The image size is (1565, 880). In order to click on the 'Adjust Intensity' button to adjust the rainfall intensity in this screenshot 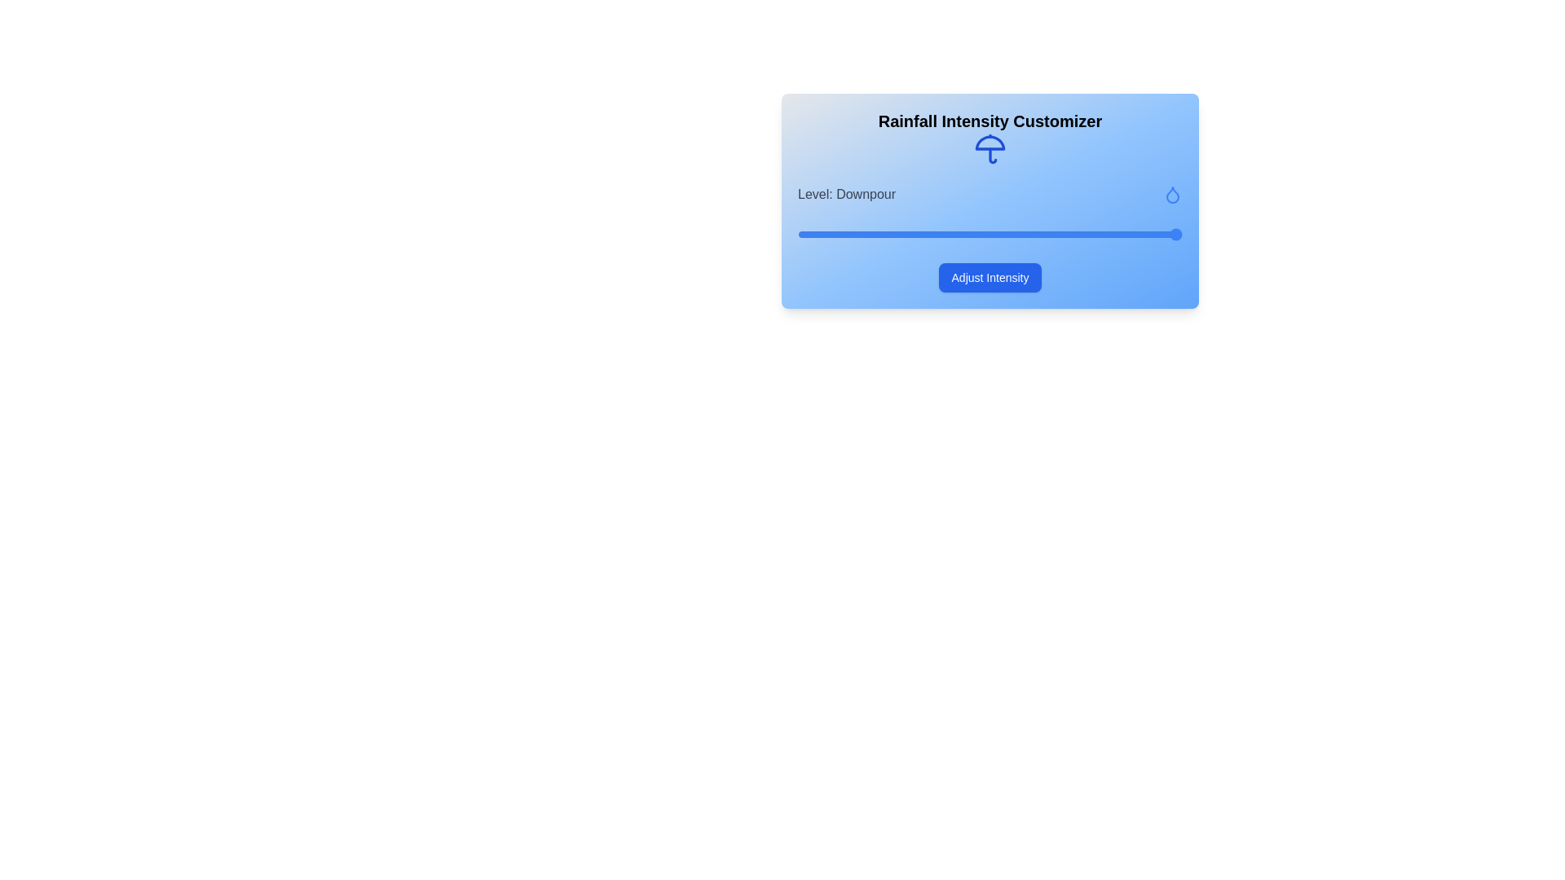, I will do `click(989, 276)`.